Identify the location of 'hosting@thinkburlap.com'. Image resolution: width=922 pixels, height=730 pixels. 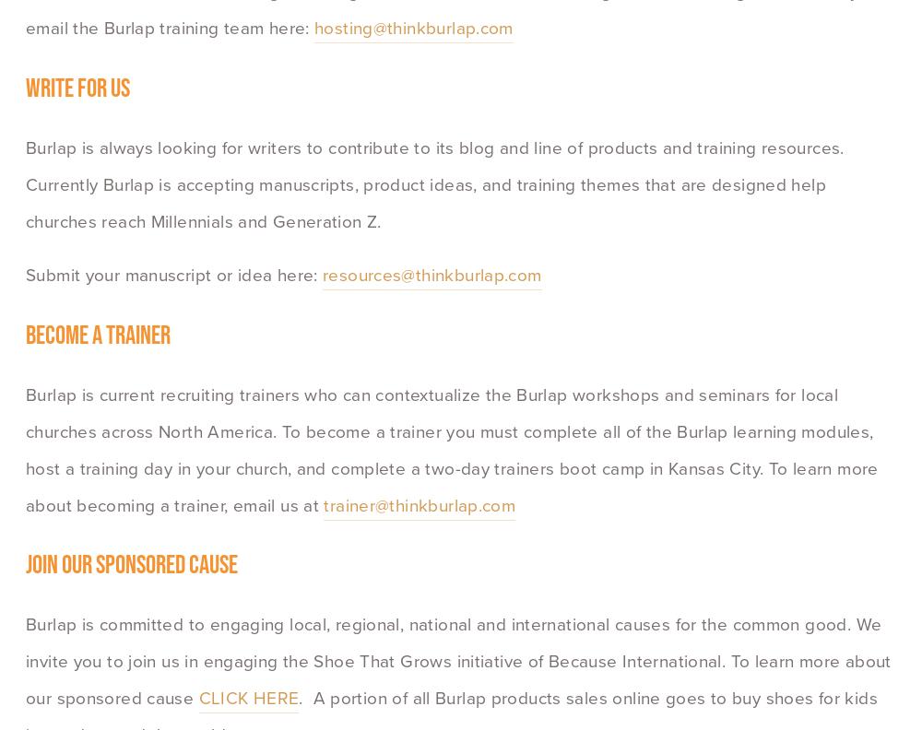
(412, 27).